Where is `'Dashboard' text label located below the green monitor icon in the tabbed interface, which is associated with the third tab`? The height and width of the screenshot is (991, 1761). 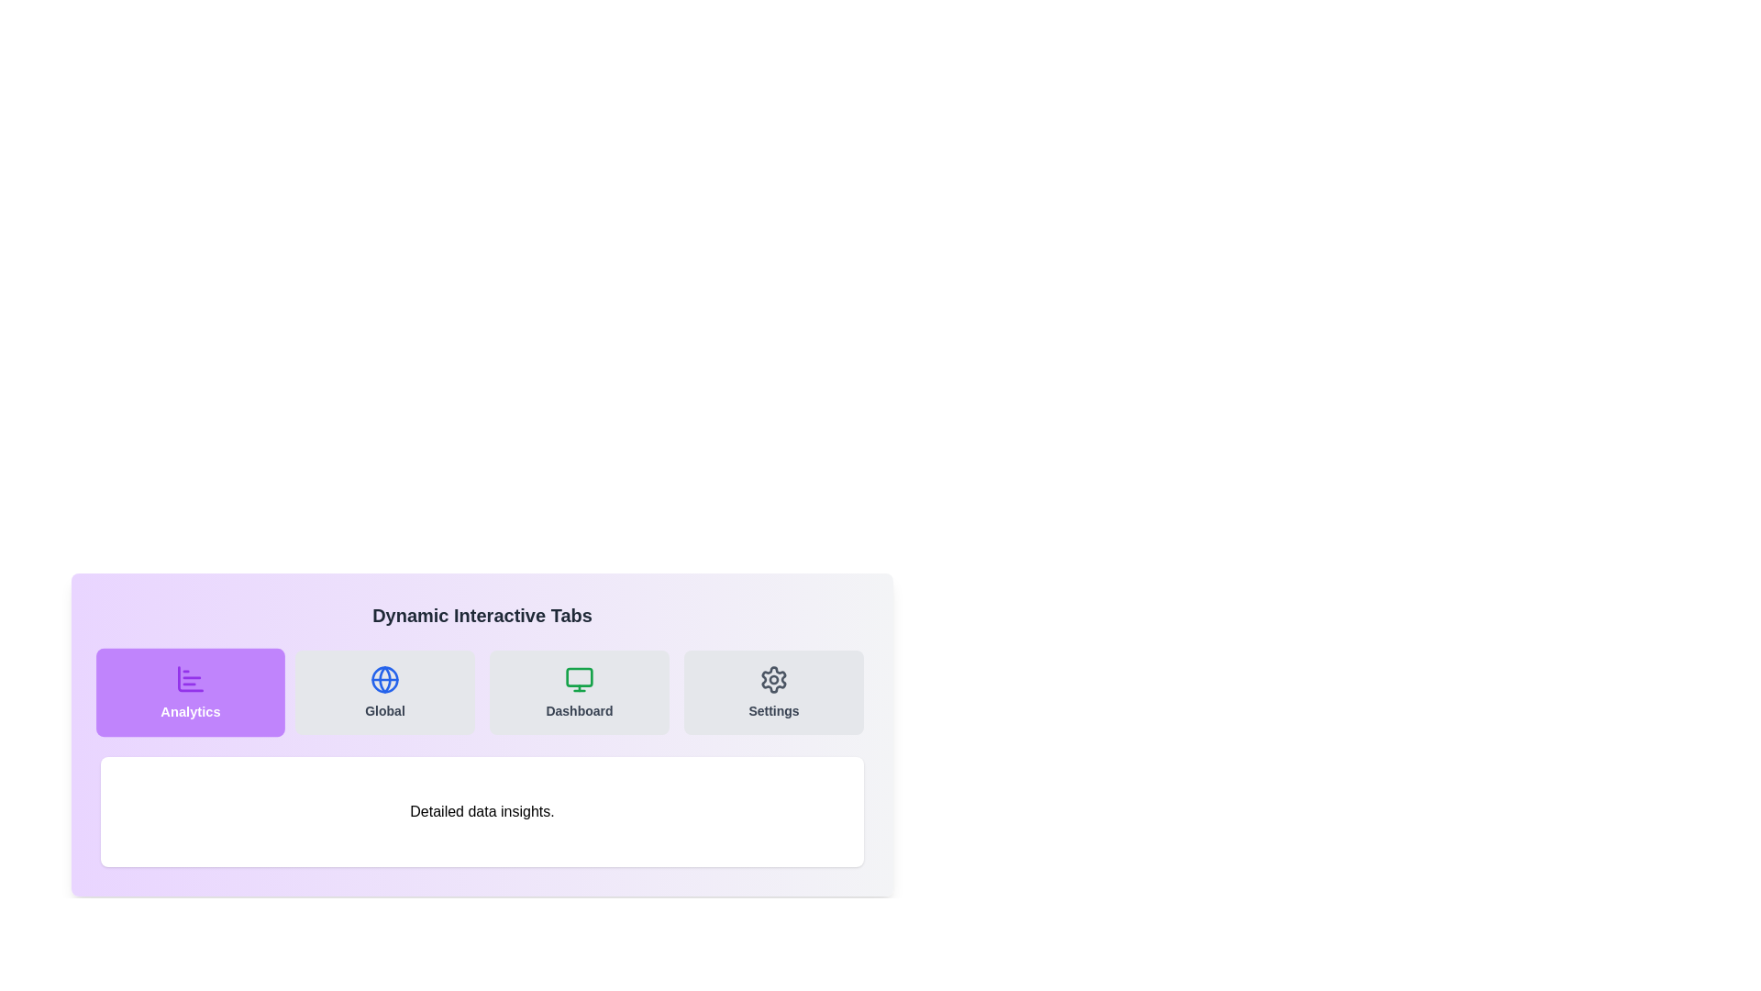 'Dashboard' text label located below the green monitor icon in the tabbed interface, which is associated with the third tab is located at coordinates (579, 710).